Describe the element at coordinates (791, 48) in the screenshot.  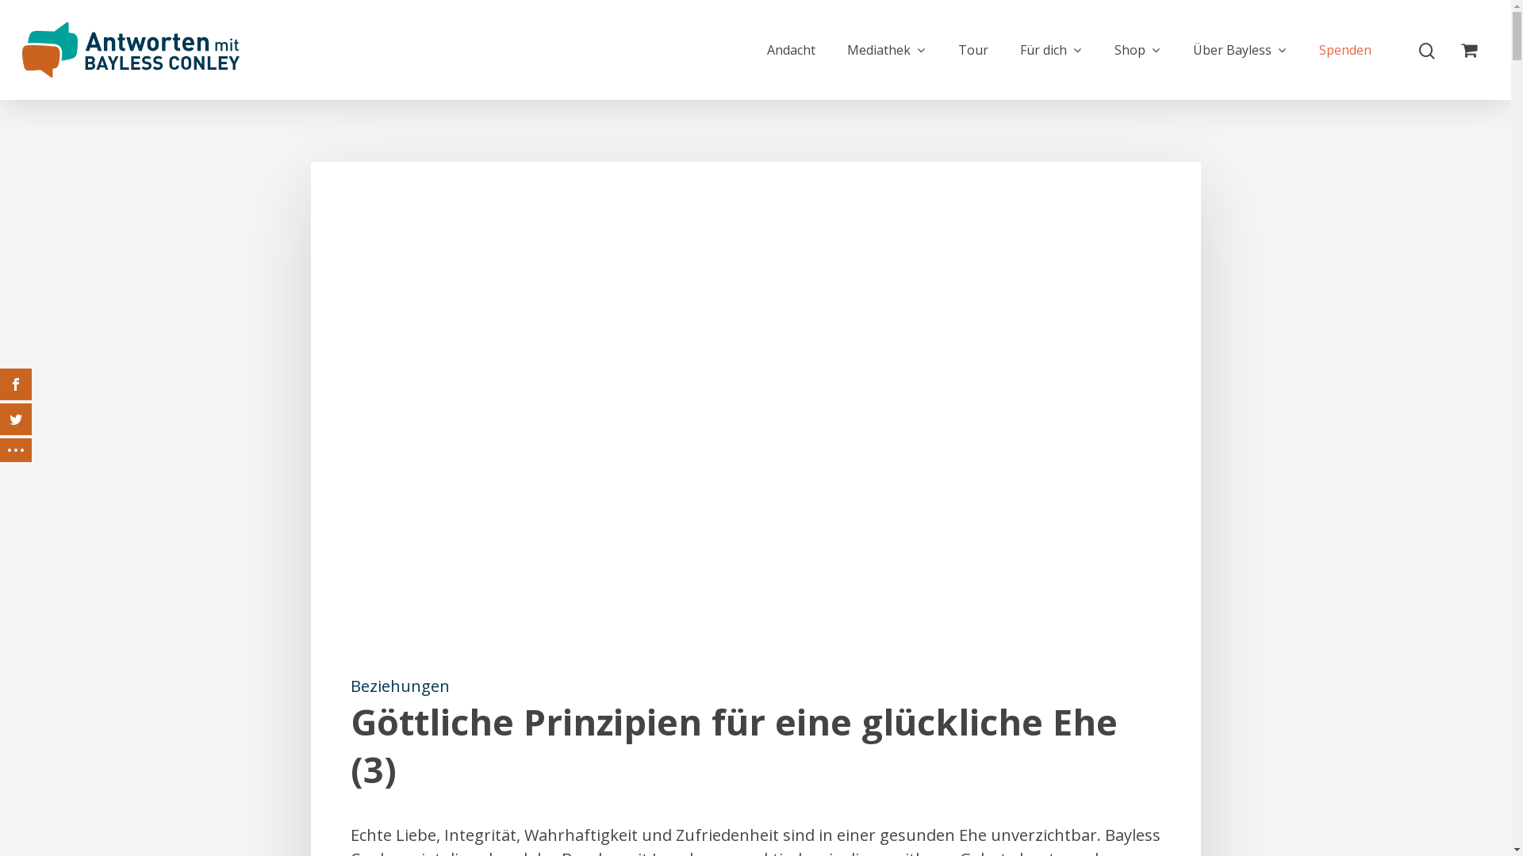
I see `'Andacht'` at that location.